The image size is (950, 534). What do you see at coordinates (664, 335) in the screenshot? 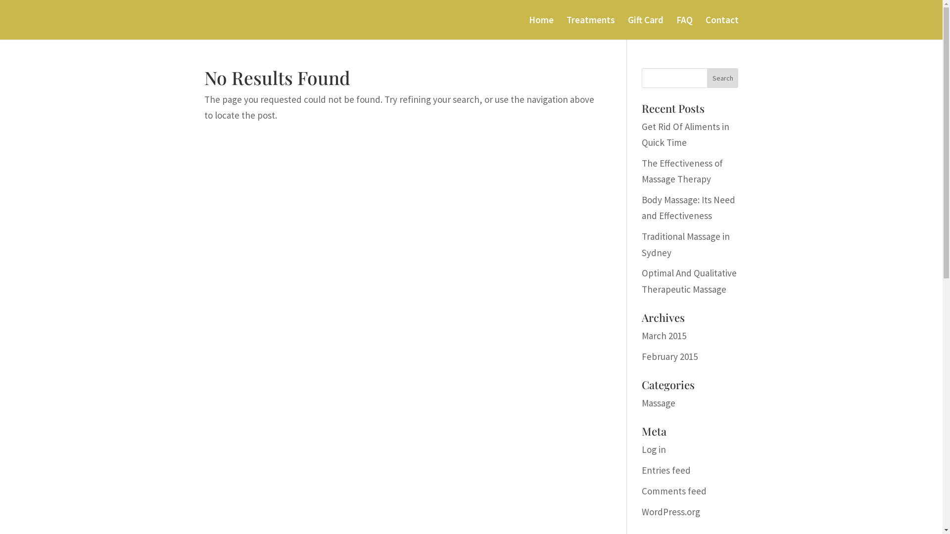
I see `'March 2015'` at bounding box center [664, 335].